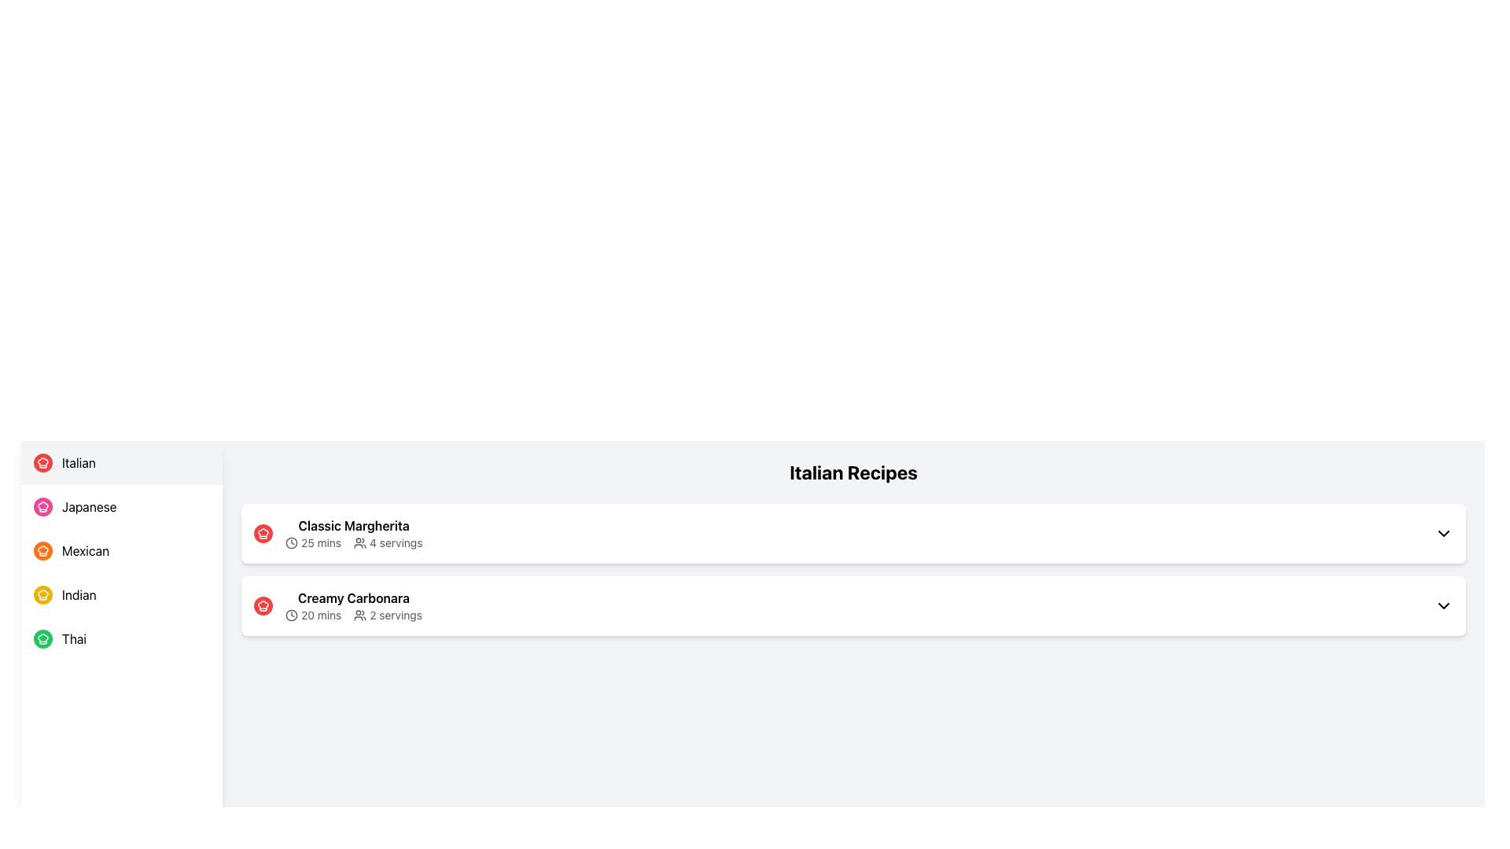  Describe the element at coordinates (1444, 605) in the screenshot. I see `the downward-pointing chevron icon located on the far right of the 'Creamy Carbonara' section` at that location.